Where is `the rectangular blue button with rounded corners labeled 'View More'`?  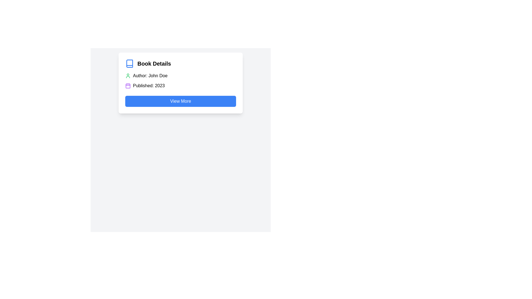
the rectangular blue button with rounded corners labeled 'View More' is located at coordinates (181, 101).